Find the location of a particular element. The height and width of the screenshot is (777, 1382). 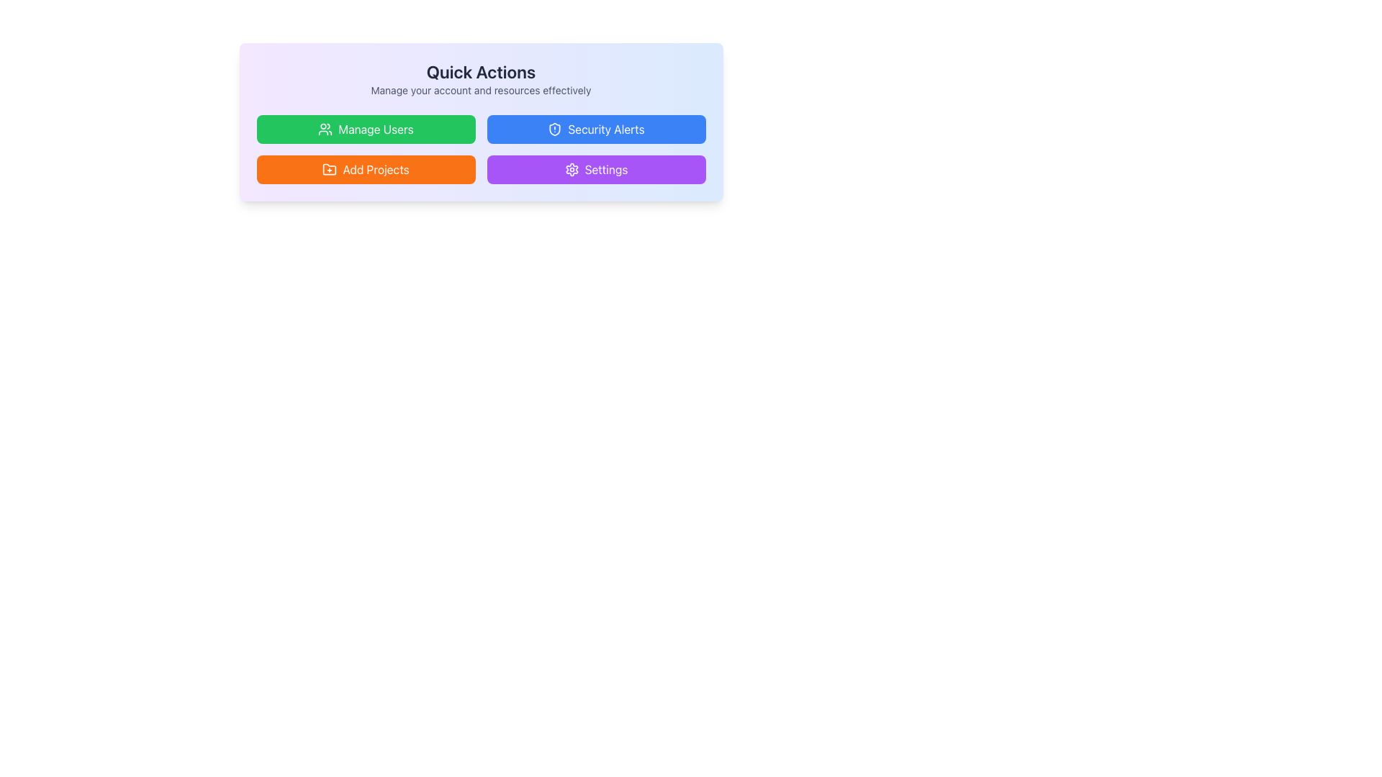

the user management button located at the top-left position in the grid of action buttons is located at coordinates (366, 129).